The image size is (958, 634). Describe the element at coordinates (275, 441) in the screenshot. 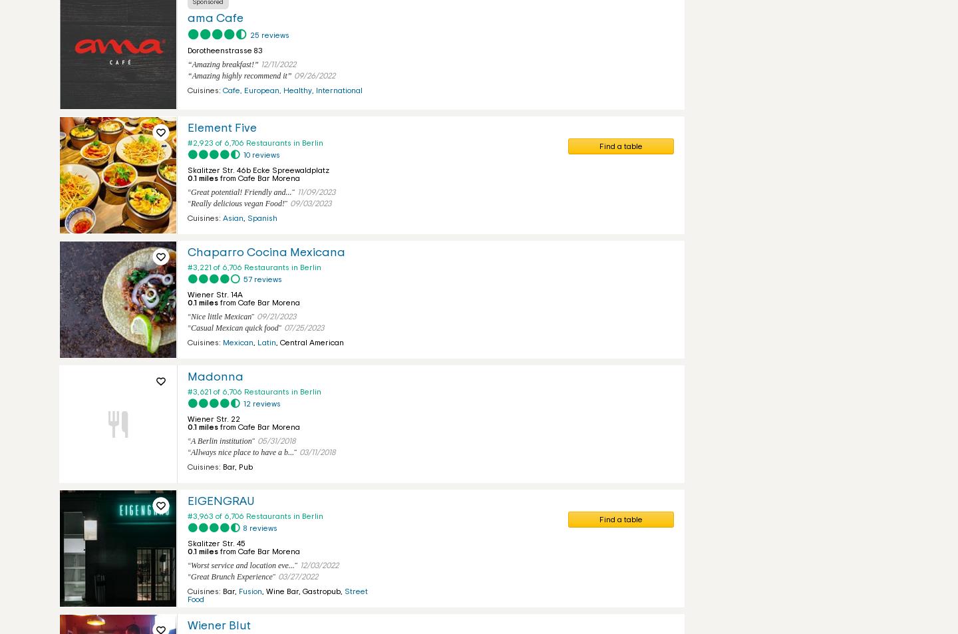

I see `'05/31/2018'` at that location.